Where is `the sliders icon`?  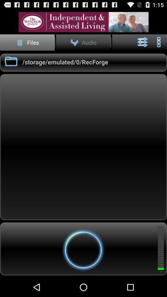
the sliders icon is located at coordinates (143, 45).